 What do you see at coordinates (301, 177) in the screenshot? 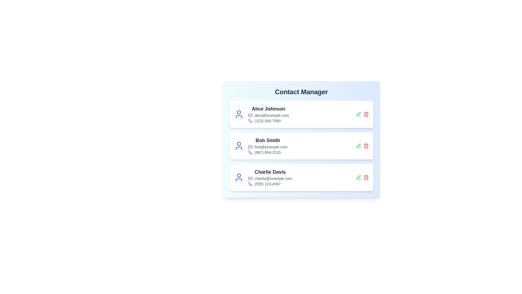
I see `the contact entry for Charlie Davis to view their details` at bounding box center [301, 177].